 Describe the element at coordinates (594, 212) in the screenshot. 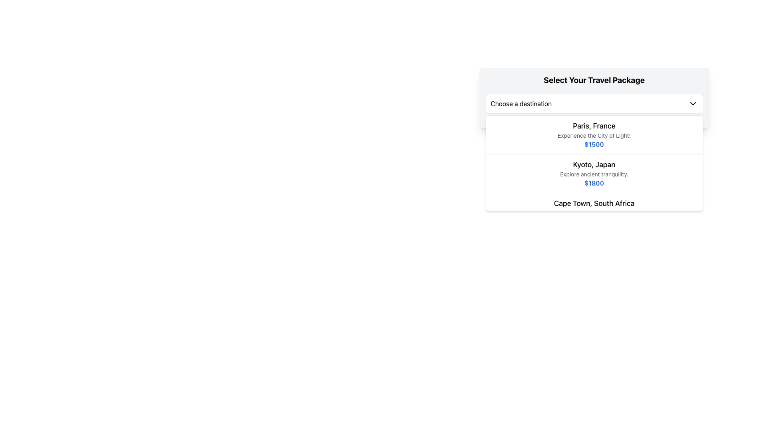

I see `the third item in the dropdown menu` at that location.